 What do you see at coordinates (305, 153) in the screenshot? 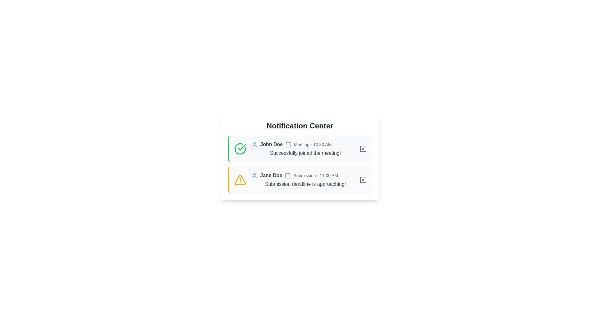
I see `the notification text that states 'Successfully joined the meeting!' located below the 'John Doe Meeting - 10:30 AM' information bar` at bounding box center [305, 153].